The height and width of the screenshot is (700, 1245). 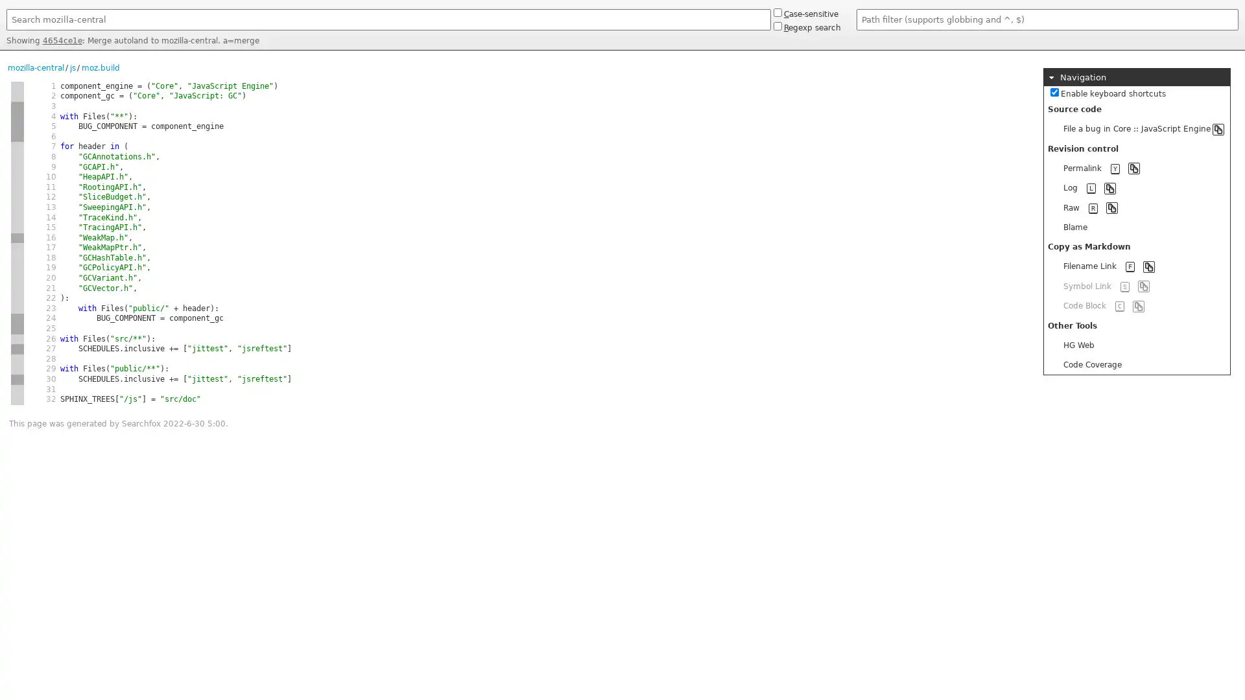 What do you see at coordinates (18, 298) in the screenshot?
I see `same hash 1` at bounding box center [18, 298].